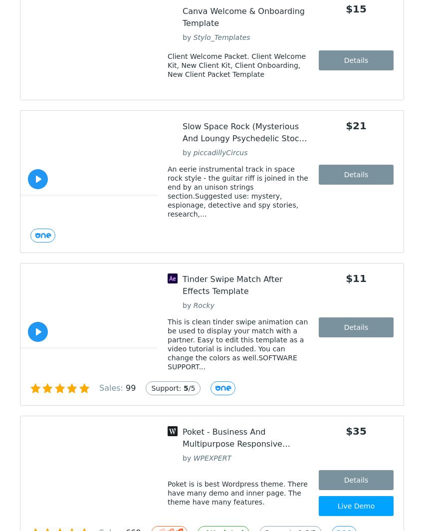 The width and height of the screenshot is (424, 531). I want to click on 'Stylo_Templates', so click(193, 36).